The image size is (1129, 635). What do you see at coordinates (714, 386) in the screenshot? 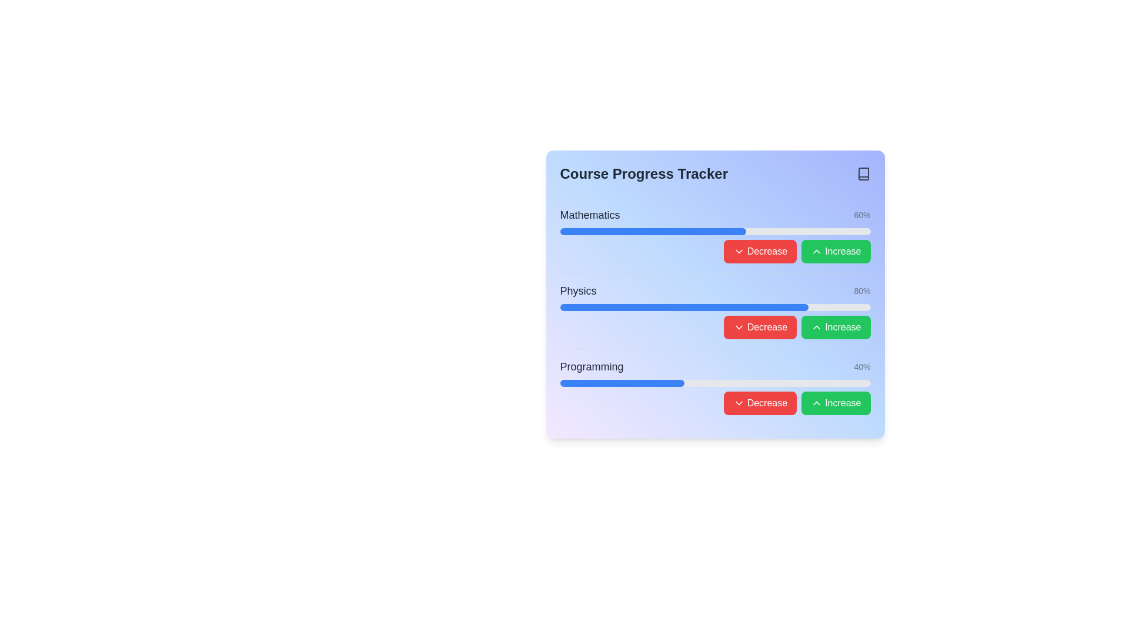
I see `the Composite component for the 'Programming' course` at bounding box center [714, 386].